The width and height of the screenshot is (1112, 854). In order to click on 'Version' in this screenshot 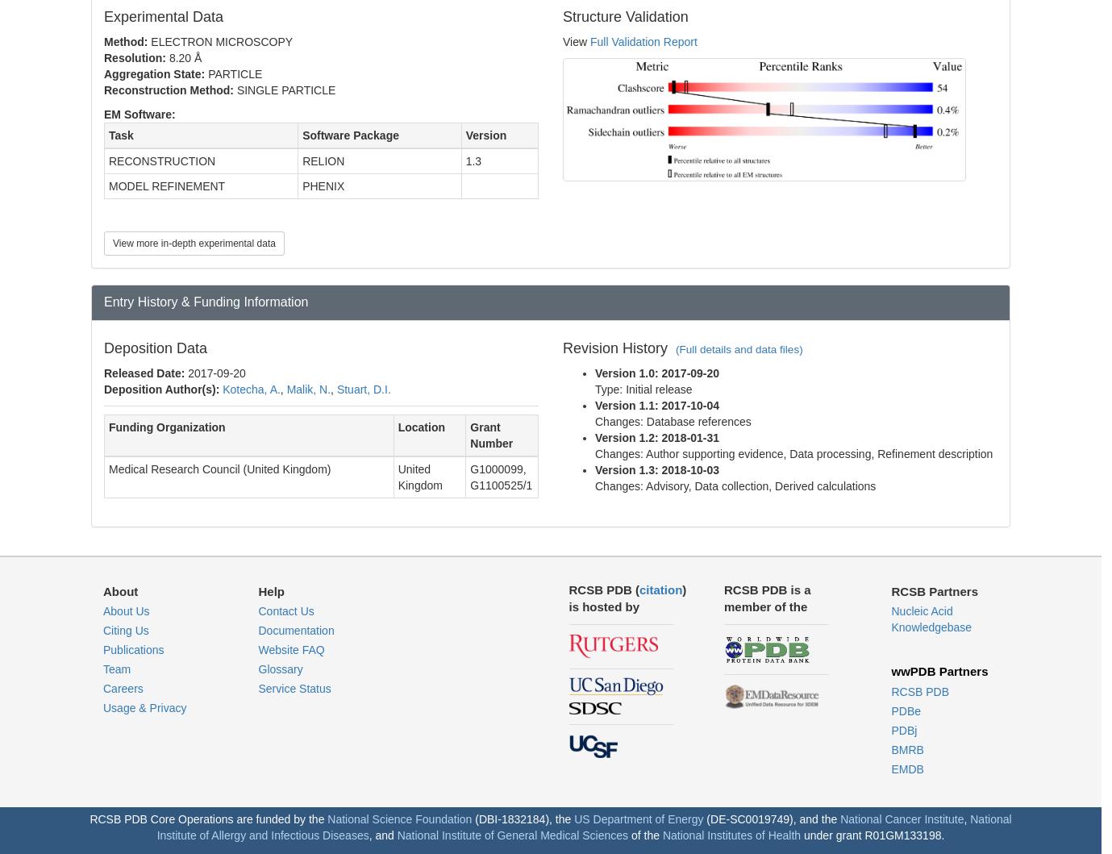, I will do `click(464, 134)`.